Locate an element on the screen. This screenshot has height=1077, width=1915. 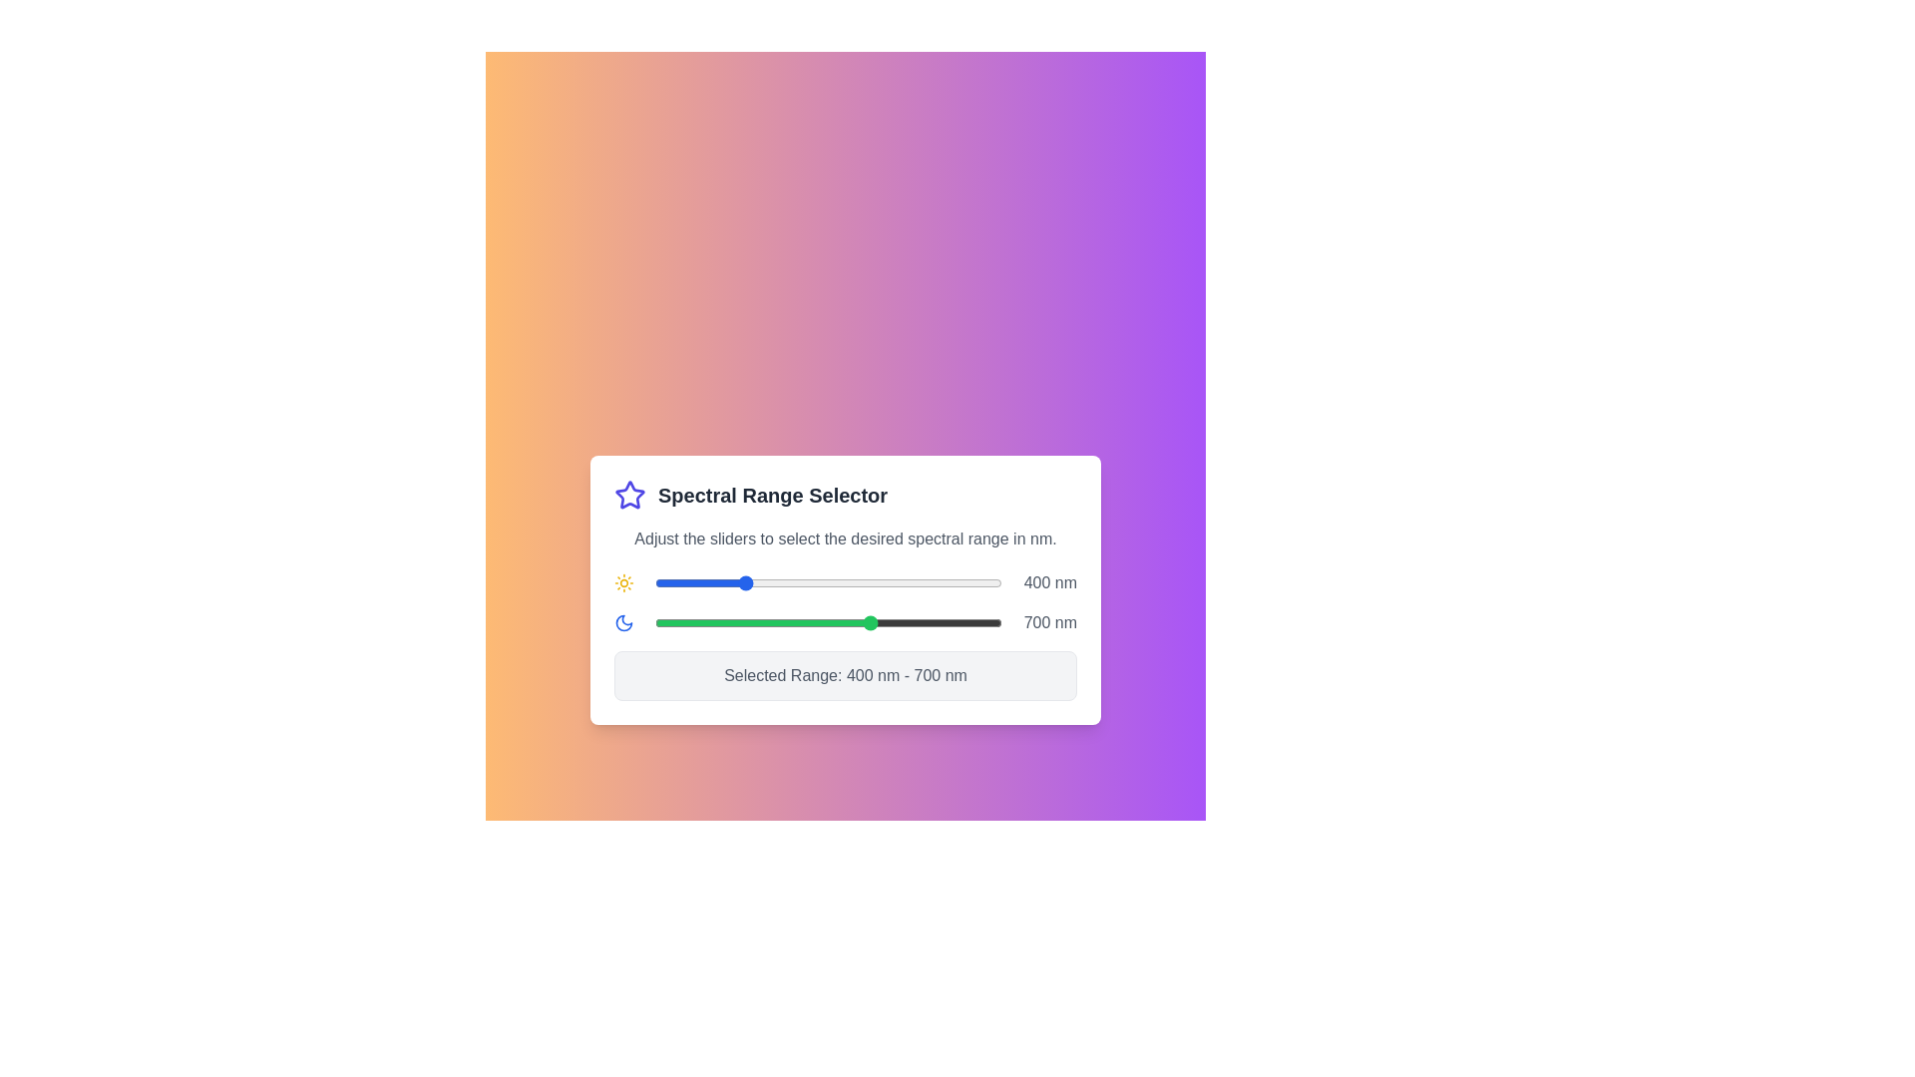
the start slider to set the lower limit of the spectral range to 975 nm is located at coordinates (991, 583).